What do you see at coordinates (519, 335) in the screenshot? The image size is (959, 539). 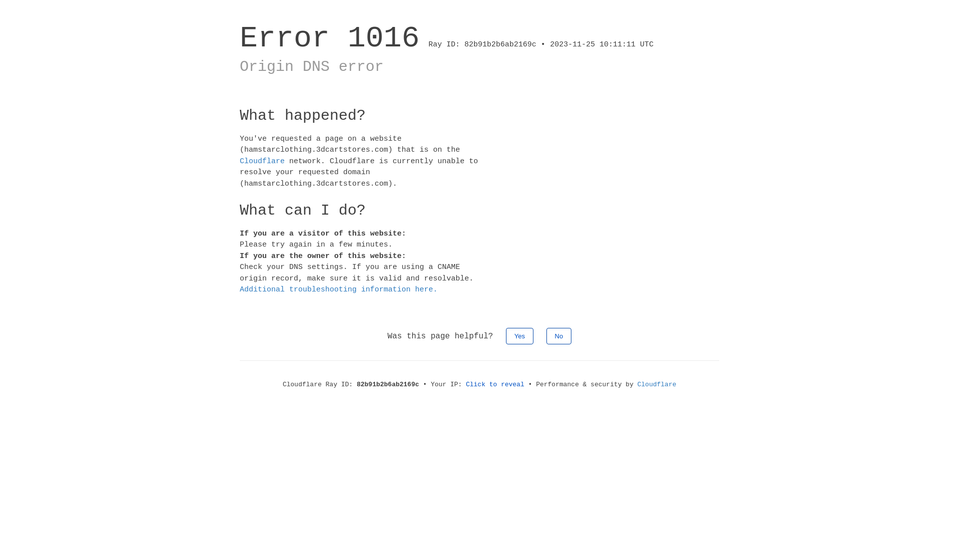 I see `'Yes'` at bounding box center [519, 335].